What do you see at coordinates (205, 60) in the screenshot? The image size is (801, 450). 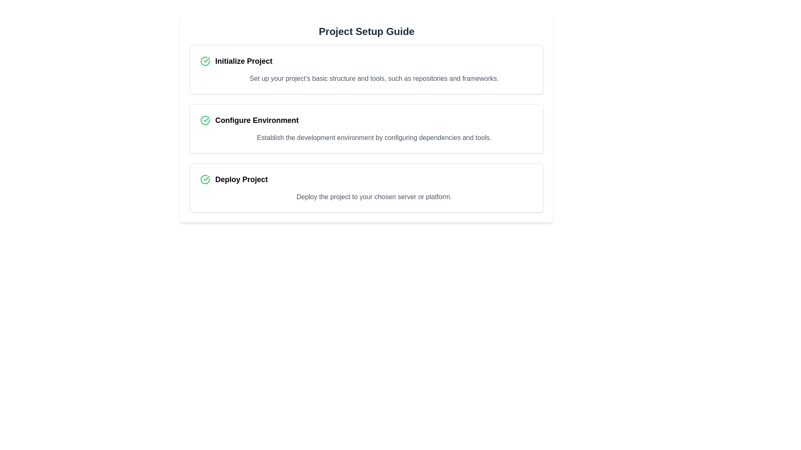 I see `the completion icon indicating the 'Initialize Project' process, located to the left of the text 'Initialize Project'` at bounding box center [205, 60].